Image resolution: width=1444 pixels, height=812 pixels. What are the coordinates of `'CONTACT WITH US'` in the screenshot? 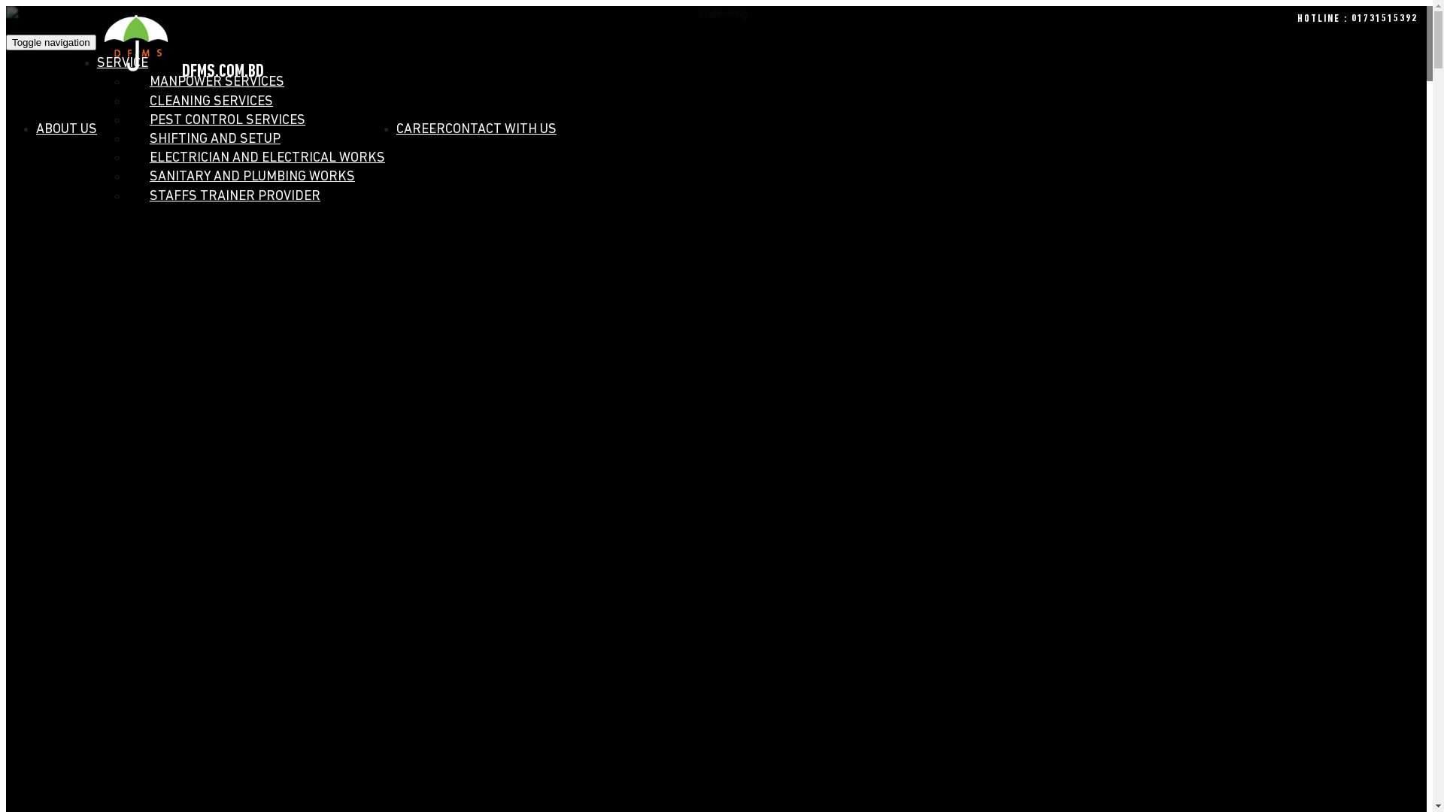 It's located at (501, 143).